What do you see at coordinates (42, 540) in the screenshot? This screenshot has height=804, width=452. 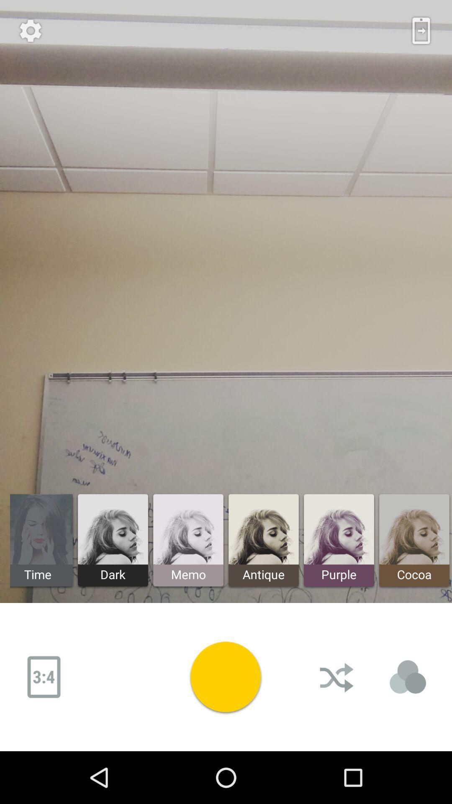 I see `the time filter` at bounding box center [42, 540].